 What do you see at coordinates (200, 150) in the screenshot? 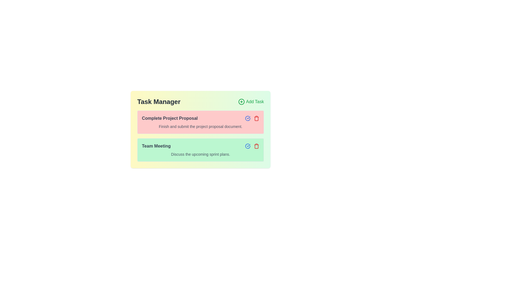
I see `the 'Team Meeting' task card in the task management UI, which is the second item below the 'Complete Project Proposal' panel` at bounding box center [200, 150].